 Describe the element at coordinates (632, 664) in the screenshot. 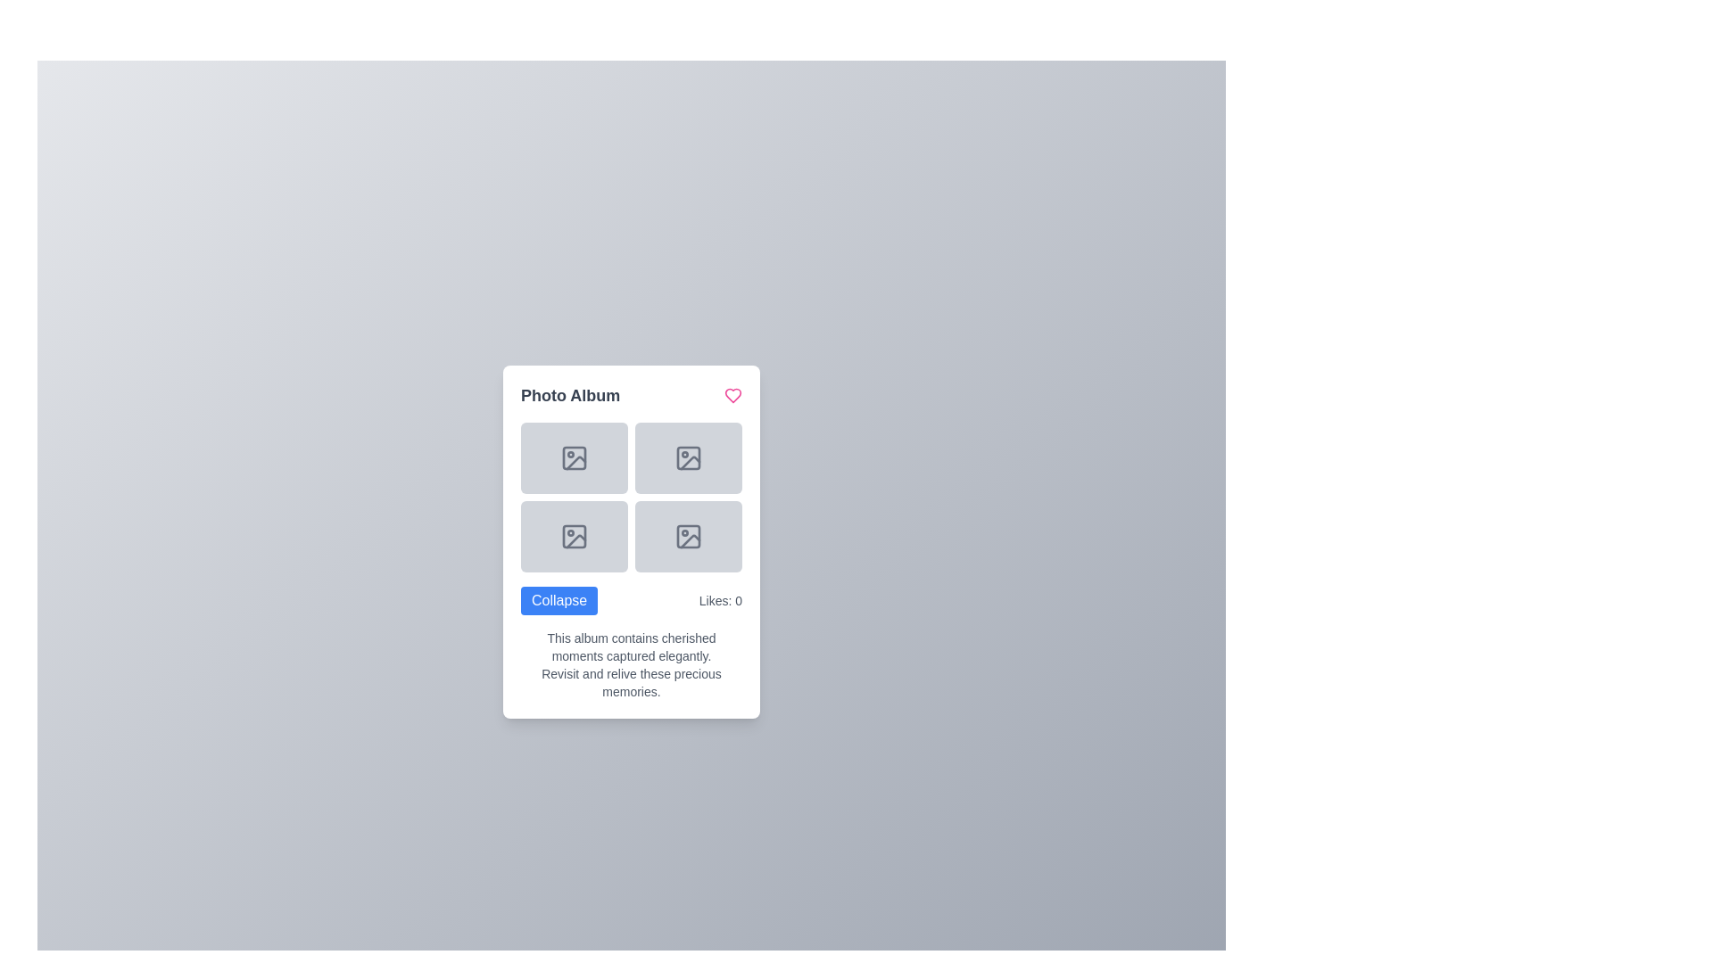

I see `the static text label located at the bottom of the 'Photo Album' card, which provides a nostalgic description of the album's content` at that location.